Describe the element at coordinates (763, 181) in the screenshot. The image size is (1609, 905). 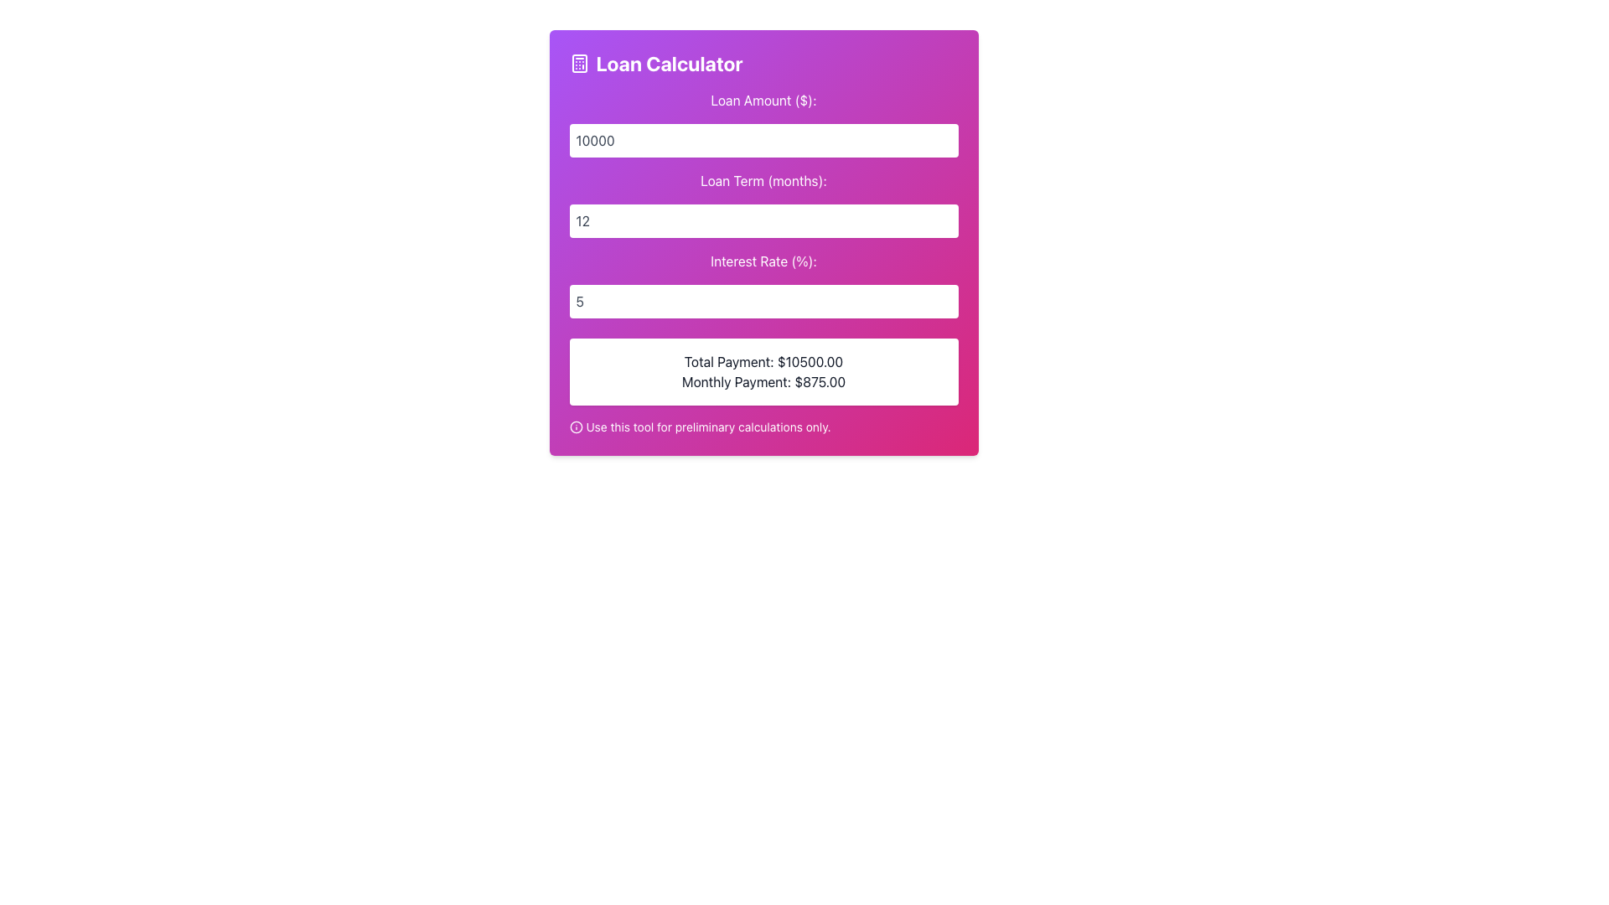
I see `the second text label in the 'Loan Calculator' form that identifies the loan term in months, located between 'Loan Amount ($):' and 'Interest Rate (%):'` at that location.